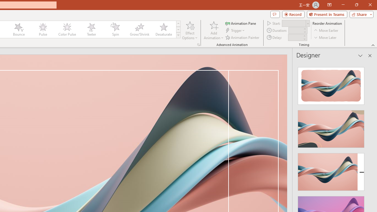 This screenshot has height=212, width=377. What do you see at coordinates (326, 30) in the screenshot?
I see `'Move Earlier'` at bounding box center [326, 30].